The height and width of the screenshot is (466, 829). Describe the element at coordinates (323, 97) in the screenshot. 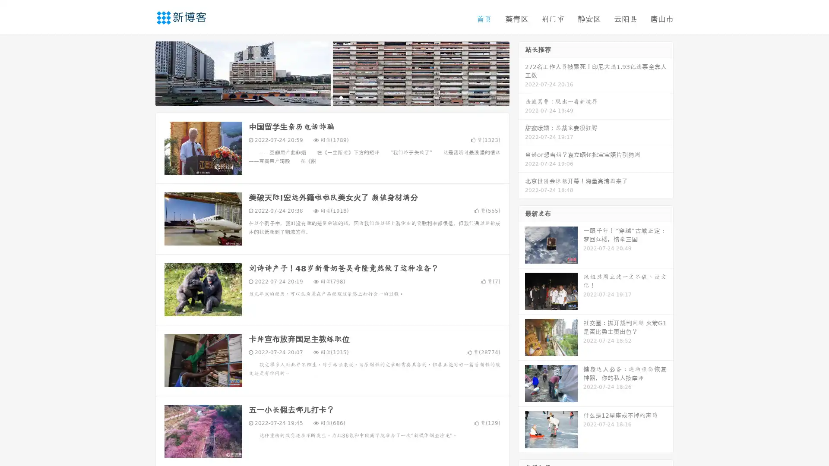

I see `Go to slide 1` at that location.